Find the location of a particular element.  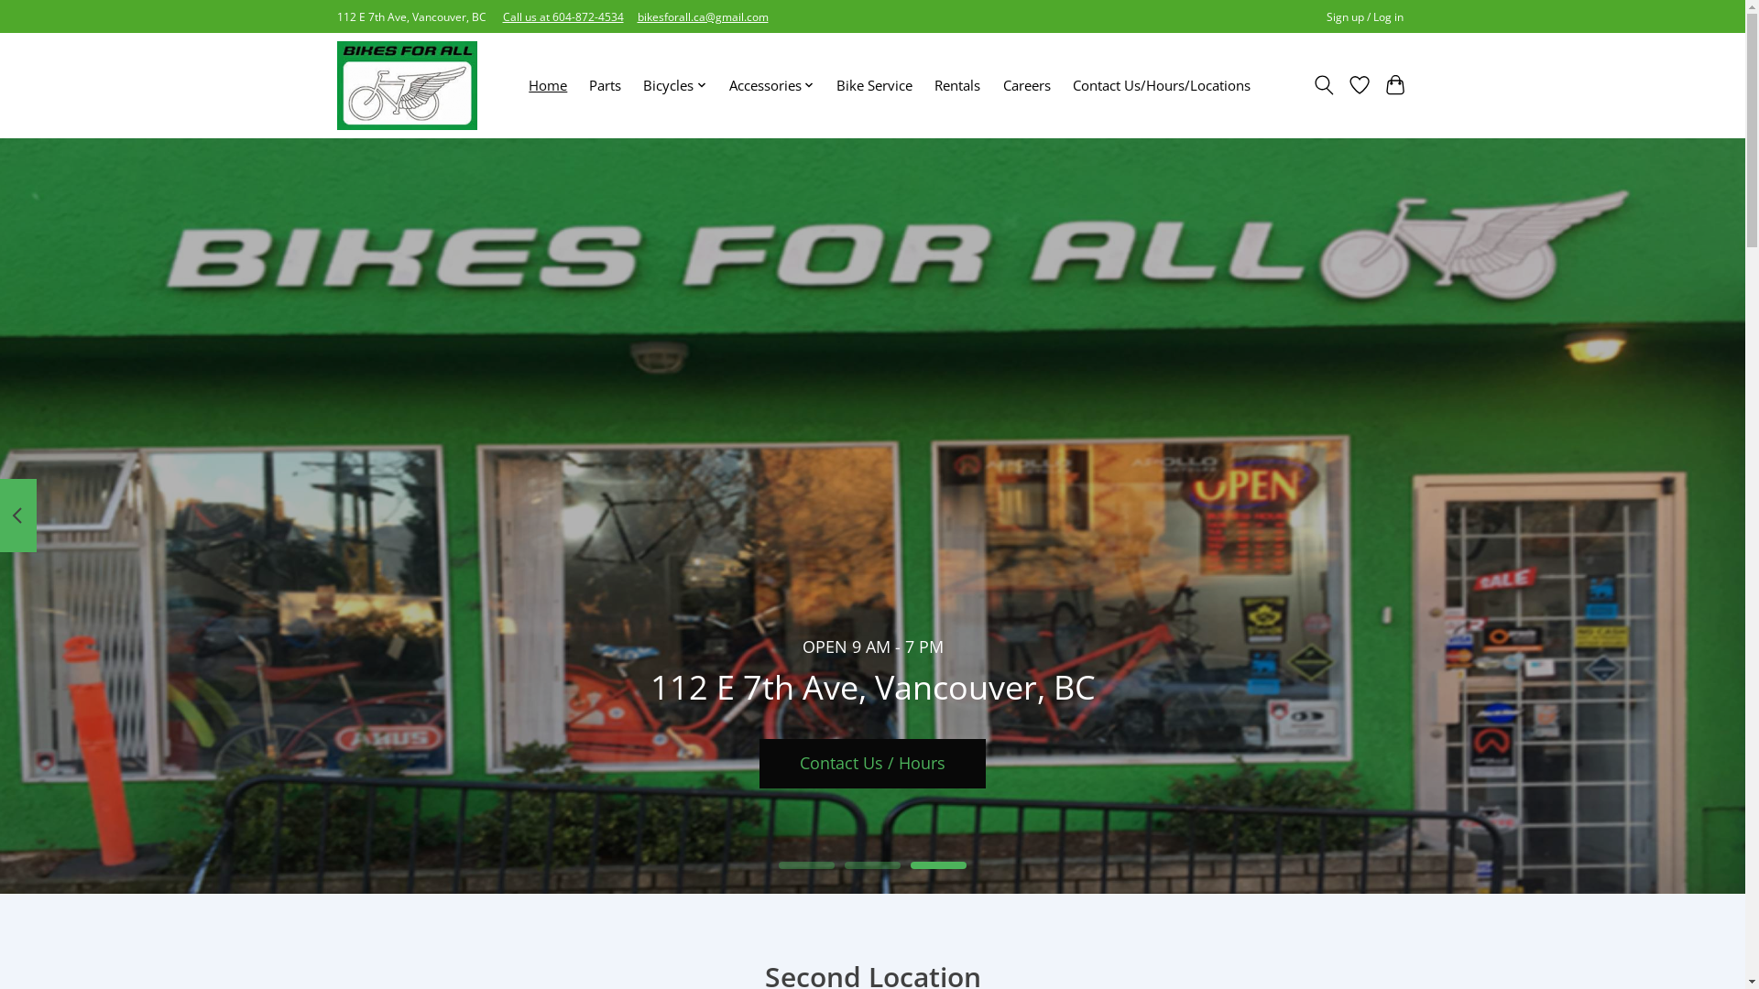

'Bicycles' is located at coordinates (674, 85).